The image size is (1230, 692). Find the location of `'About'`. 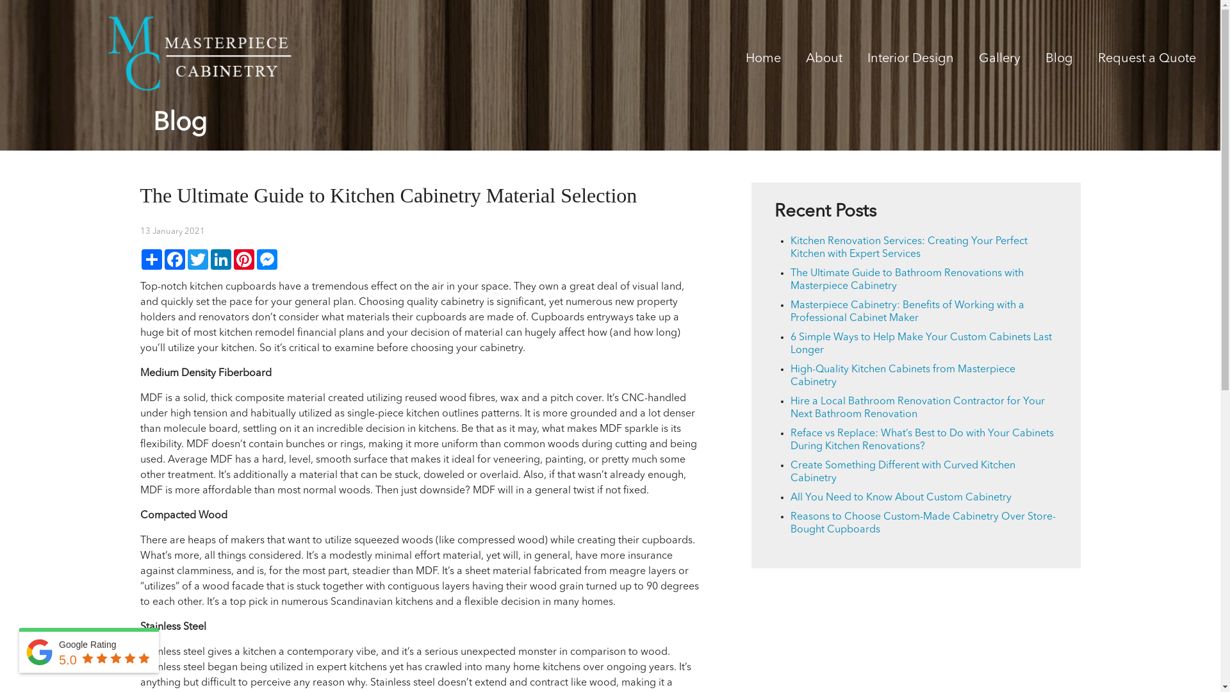

'About' is located at coordinates (824, 61).